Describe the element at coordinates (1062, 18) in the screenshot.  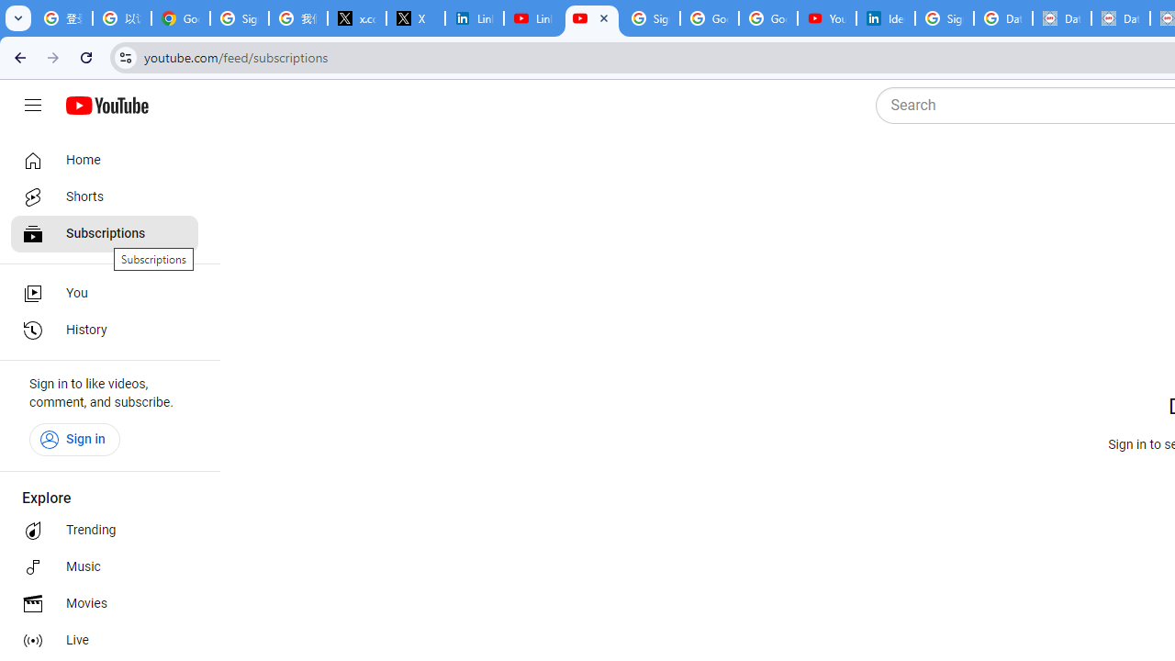
I see `'Data Privacy Framework'` at that location.